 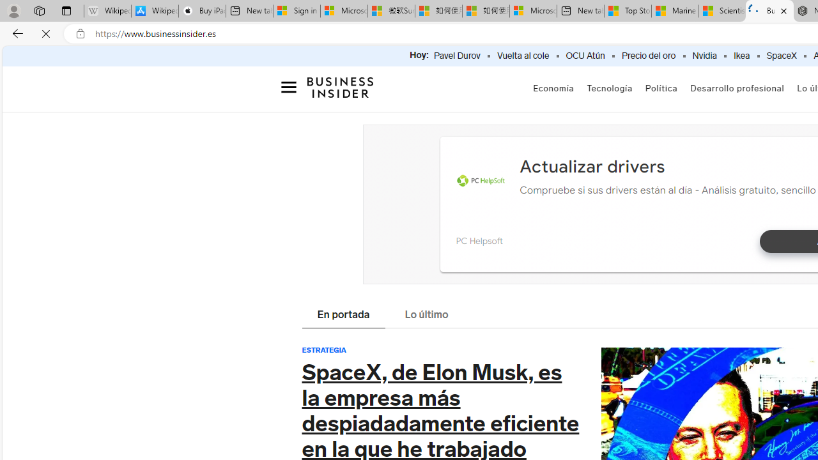 What do you see at coordinates (341, 90) in the screenshot?
I see `'Logo BusinessInsider.es'` at bounding box center [341, 90].